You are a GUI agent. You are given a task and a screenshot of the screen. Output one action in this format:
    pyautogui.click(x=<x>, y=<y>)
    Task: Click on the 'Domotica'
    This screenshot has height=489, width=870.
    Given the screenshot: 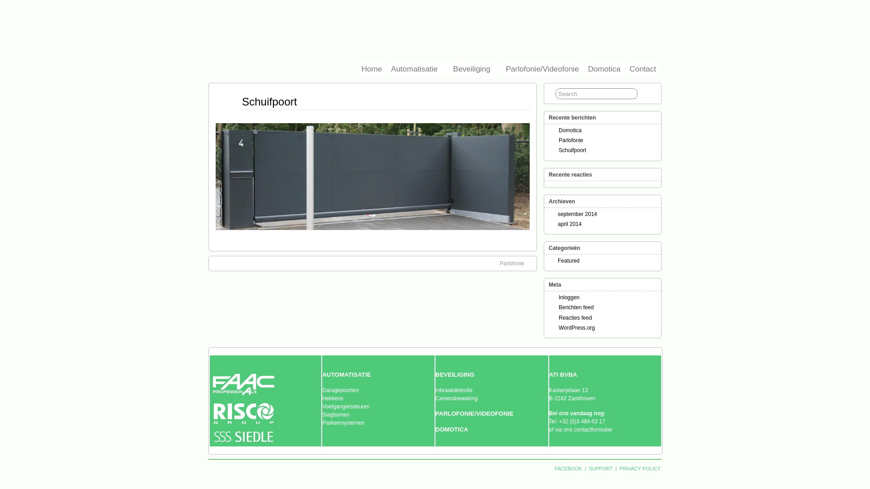 What is the action you would take?
    pyautogui.click(x=585, y=68)
    